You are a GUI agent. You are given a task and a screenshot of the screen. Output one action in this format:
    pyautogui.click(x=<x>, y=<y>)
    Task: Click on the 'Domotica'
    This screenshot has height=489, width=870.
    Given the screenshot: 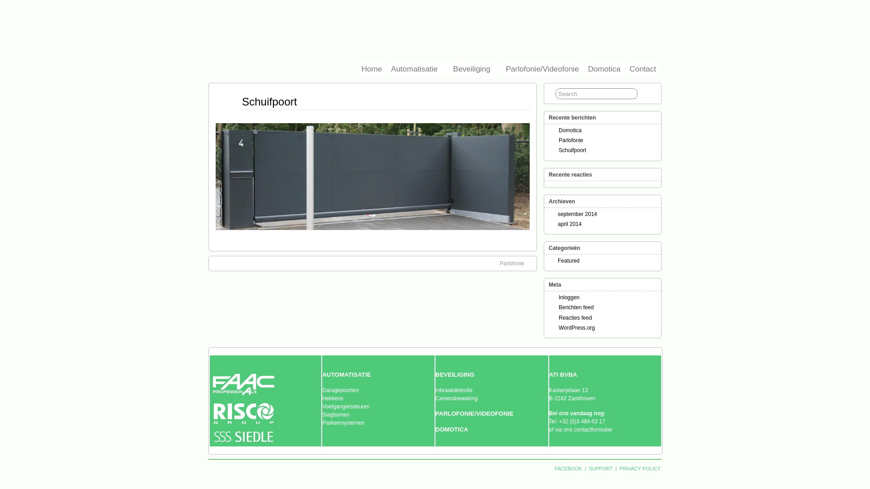 What is the action you would take?
    pyautogui.click(x=585, y=68)
    